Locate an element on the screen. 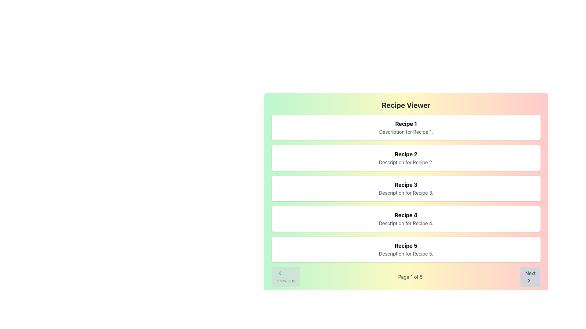 Image resolution: width=586 pixels, height=329 pixels. the non-interactive text label that provides additional information about 'Recipe 2', which is located centered below the title within the second rectangular card is located at coordinates (406, 162).